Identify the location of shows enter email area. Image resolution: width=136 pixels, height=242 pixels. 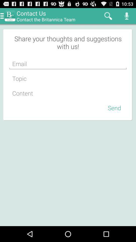
(68, 64).